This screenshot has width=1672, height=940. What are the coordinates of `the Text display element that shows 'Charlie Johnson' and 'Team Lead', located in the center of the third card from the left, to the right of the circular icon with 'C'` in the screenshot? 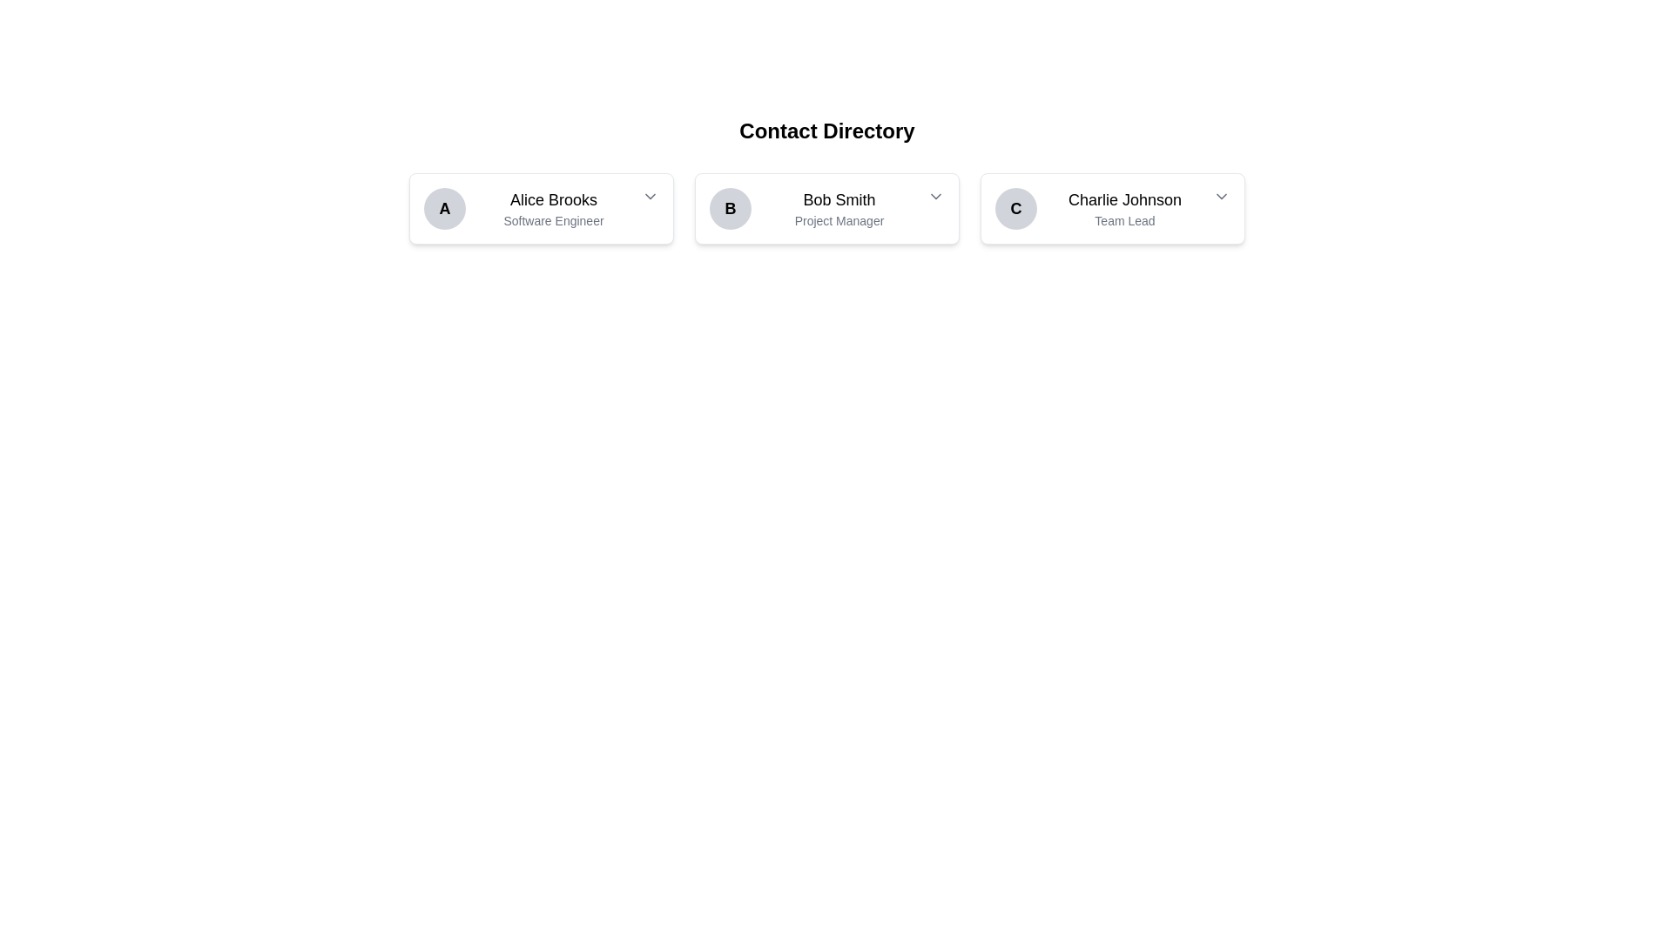 It's located at (1124, 207).